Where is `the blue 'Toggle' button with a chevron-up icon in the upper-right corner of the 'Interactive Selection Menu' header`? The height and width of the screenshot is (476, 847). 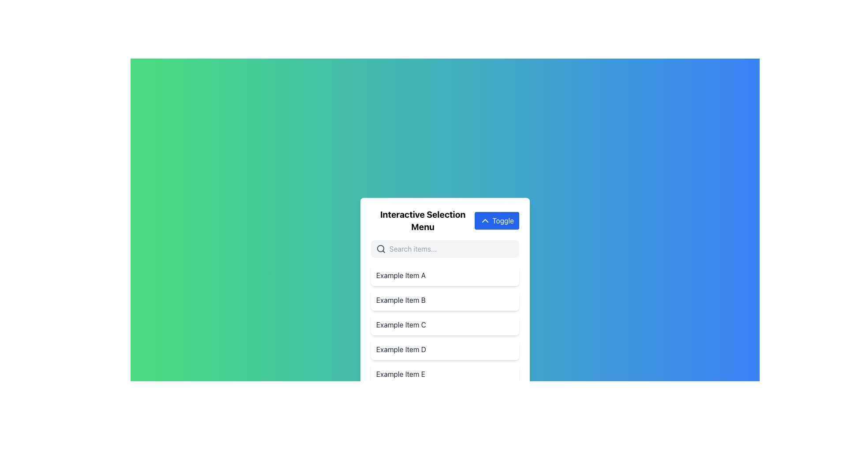
the blue 'Toggle' button with a chevron-up icon in the upper-right corner of the 'Interactive Selection Menu' header is located at coordinates (497, 220).